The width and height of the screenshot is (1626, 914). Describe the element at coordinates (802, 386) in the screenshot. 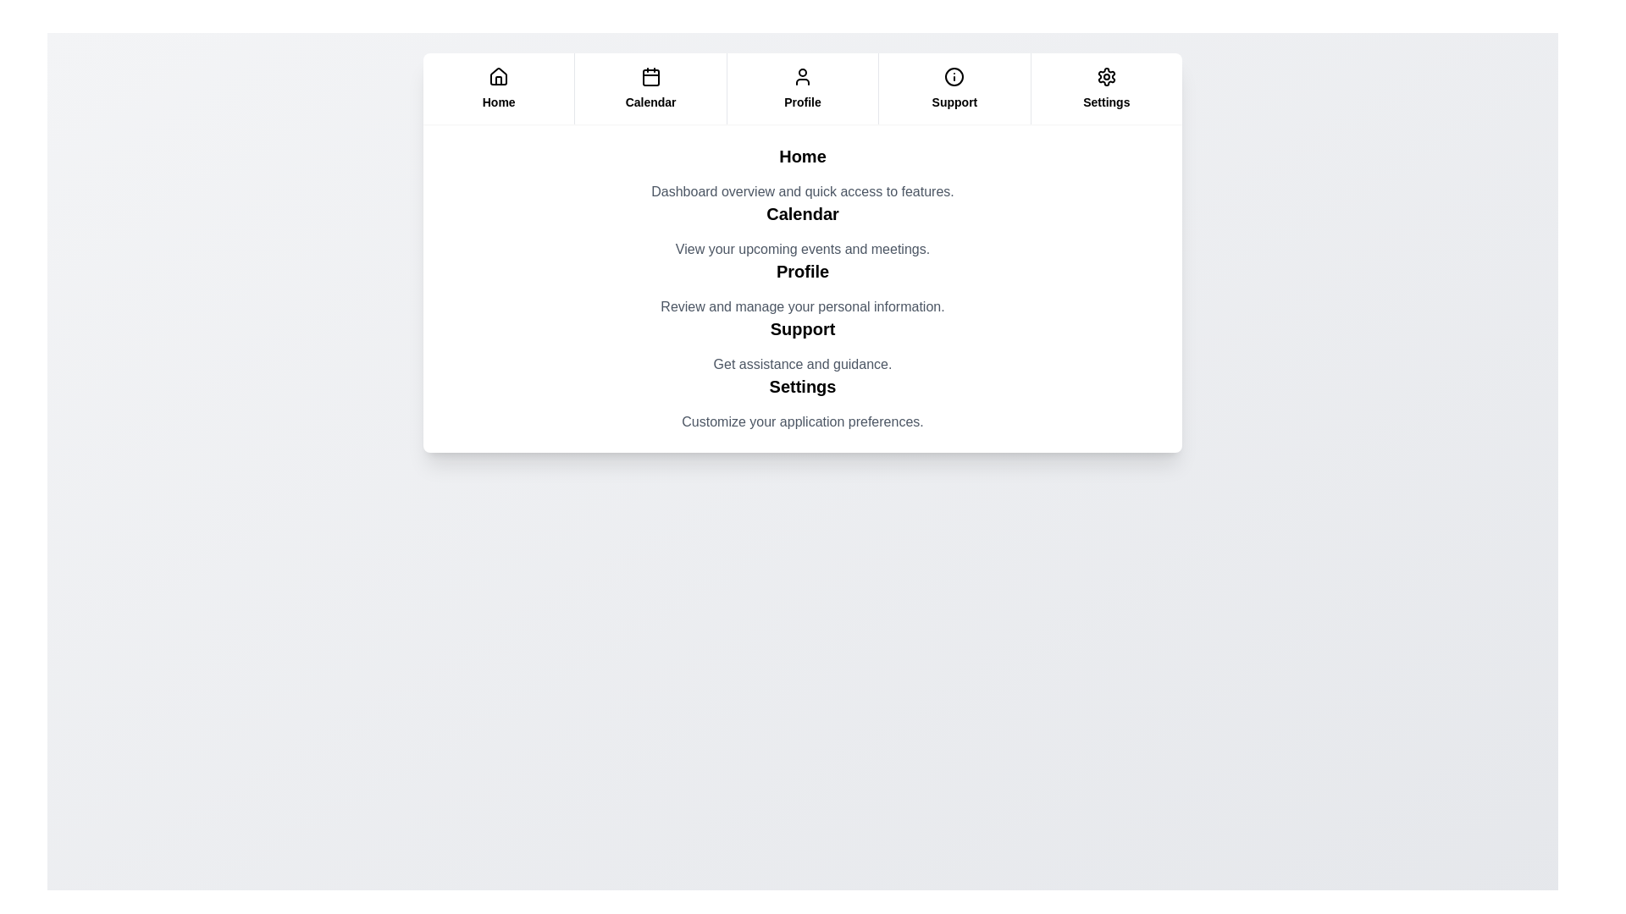

I see `the static text that labels the section for settings-related options, located above the text 'Customize your application preferences.'` at that location.